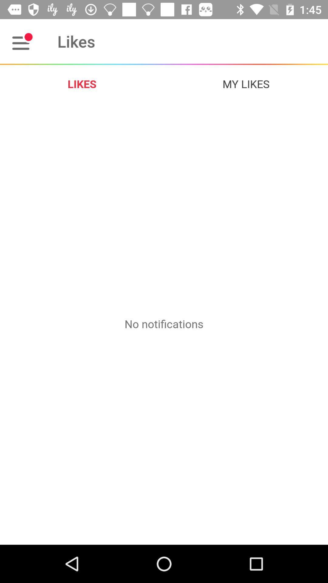 The image size is (328, 583). What do you see at coordinates (246, 84) in the screenshot?
I see `my likes icon` at bounding box center [246, 84].